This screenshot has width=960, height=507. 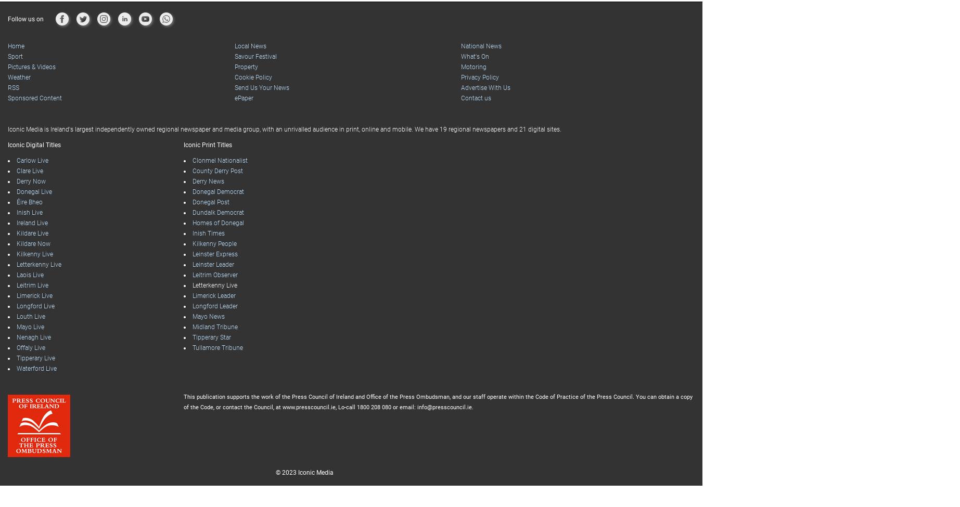 What do you see at coordinates (207, 213) in the screenshot?
I see `'Inish Times'` at bounding box center [207, 213].